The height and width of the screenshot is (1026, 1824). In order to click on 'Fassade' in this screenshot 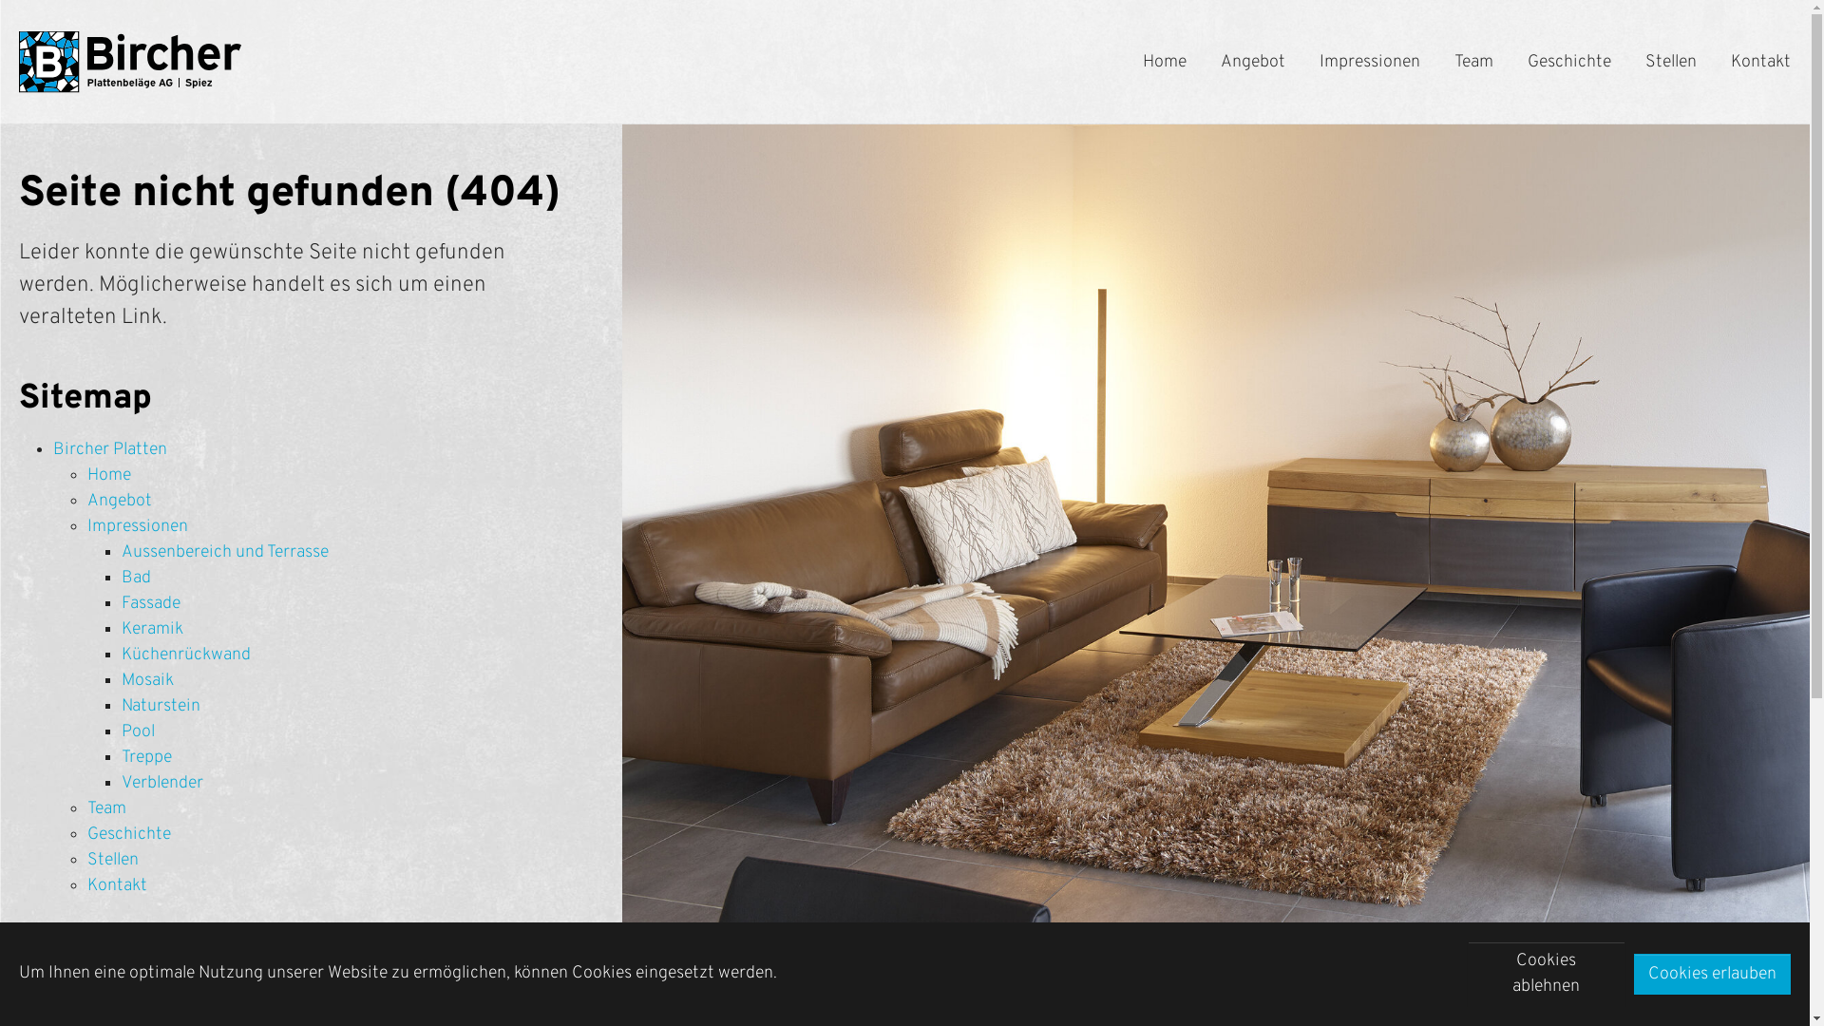, I will do `click(121, 603)`.